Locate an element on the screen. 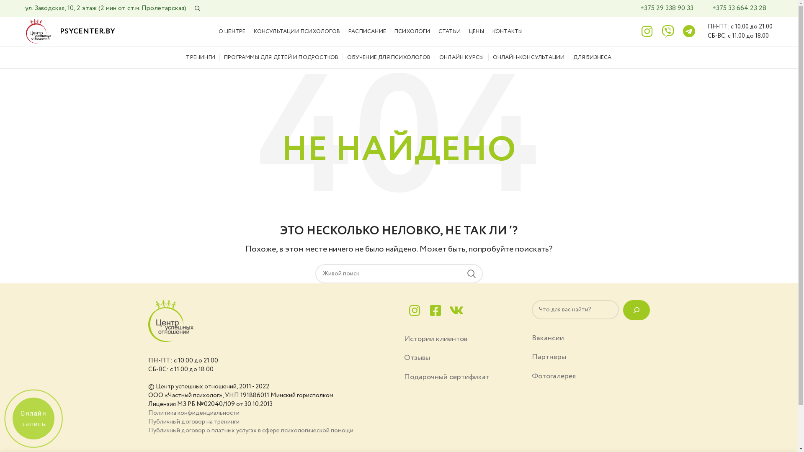 The width and height of the screenshot is (804, 452). 'PSYCENTER.BY' is located at coordinates (88, 31).